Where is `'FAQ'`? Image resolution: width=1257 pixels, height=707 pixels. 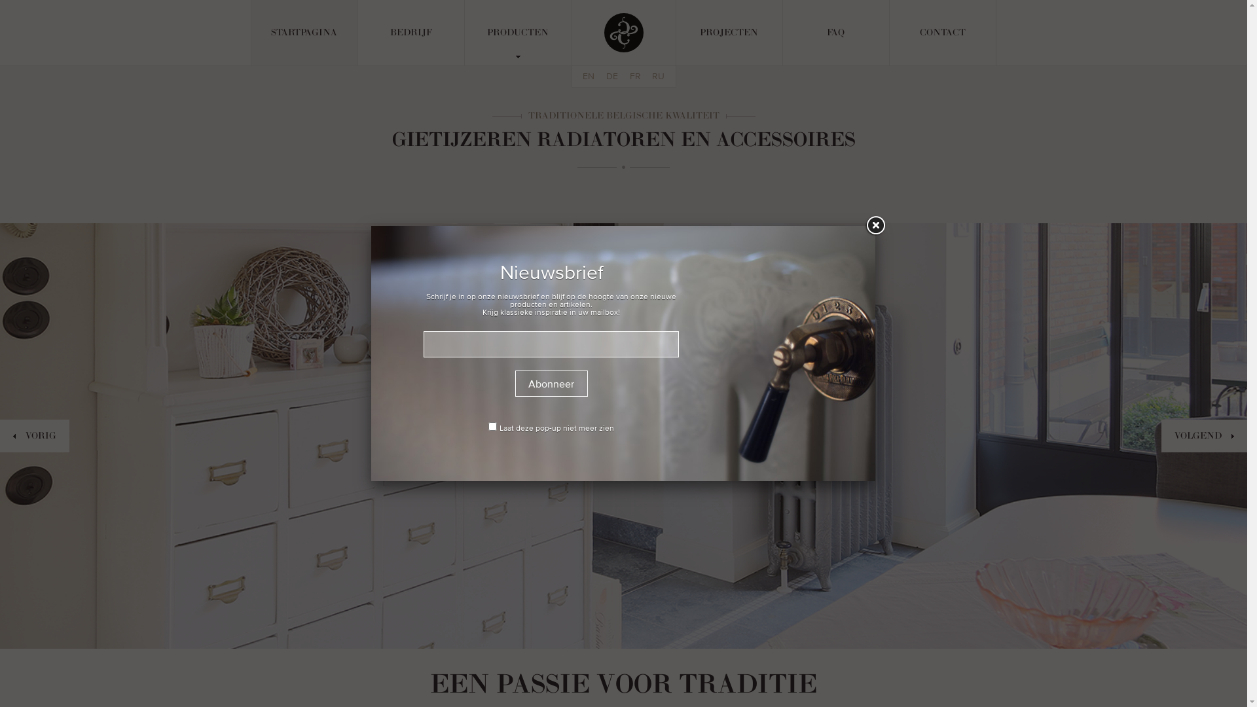
'FAQ' is located at coordinates (835, 32).